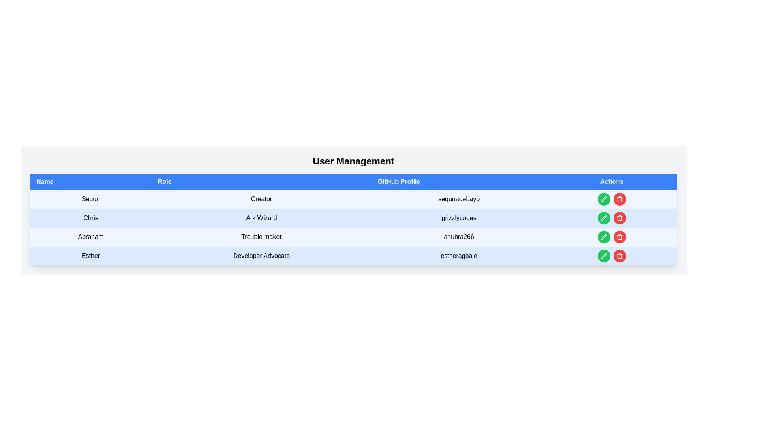 Image resolution: width=758 pixels, height=426 pixels. I want to click on the pencil icon button in the 'Actions' column for the user 'Abraham', so click(603, 237).